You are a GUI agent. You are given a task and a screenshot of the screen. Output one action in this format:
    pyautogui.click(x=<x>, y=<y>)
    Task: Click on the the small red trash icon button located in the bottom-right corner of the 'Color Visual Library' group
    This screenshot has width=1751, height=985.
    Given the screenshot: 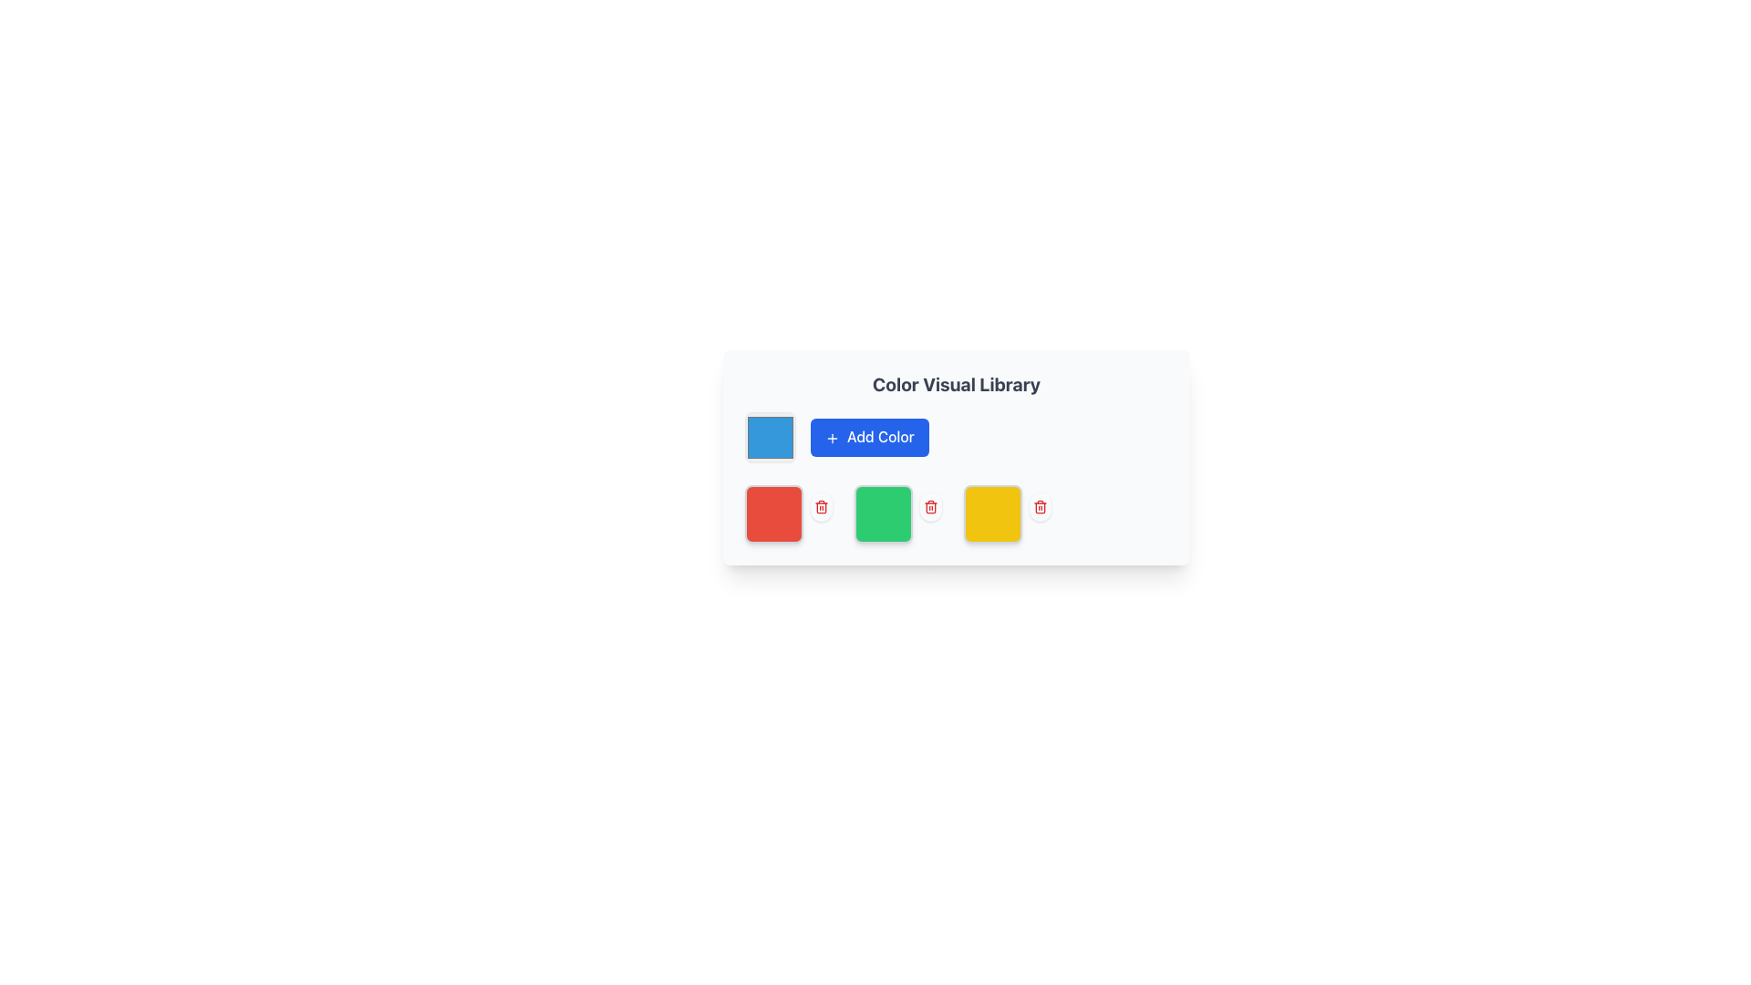 What is the action you would take?
    pyautogui.click(x=1041, y=506)
    